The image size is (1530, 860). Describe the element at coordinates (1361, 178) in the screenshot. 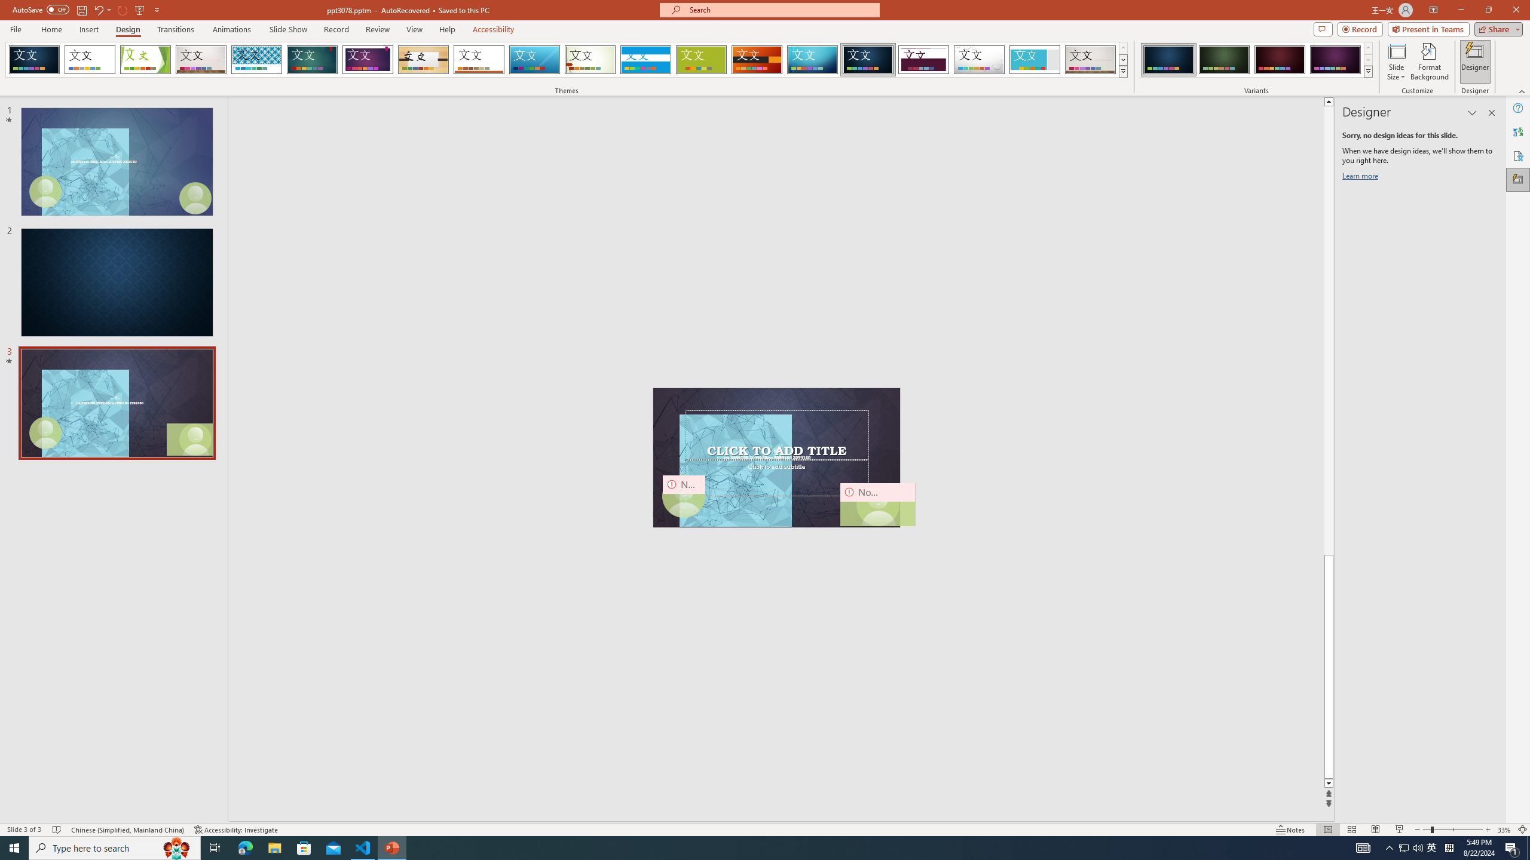

I see `'Learn more'` at that location.